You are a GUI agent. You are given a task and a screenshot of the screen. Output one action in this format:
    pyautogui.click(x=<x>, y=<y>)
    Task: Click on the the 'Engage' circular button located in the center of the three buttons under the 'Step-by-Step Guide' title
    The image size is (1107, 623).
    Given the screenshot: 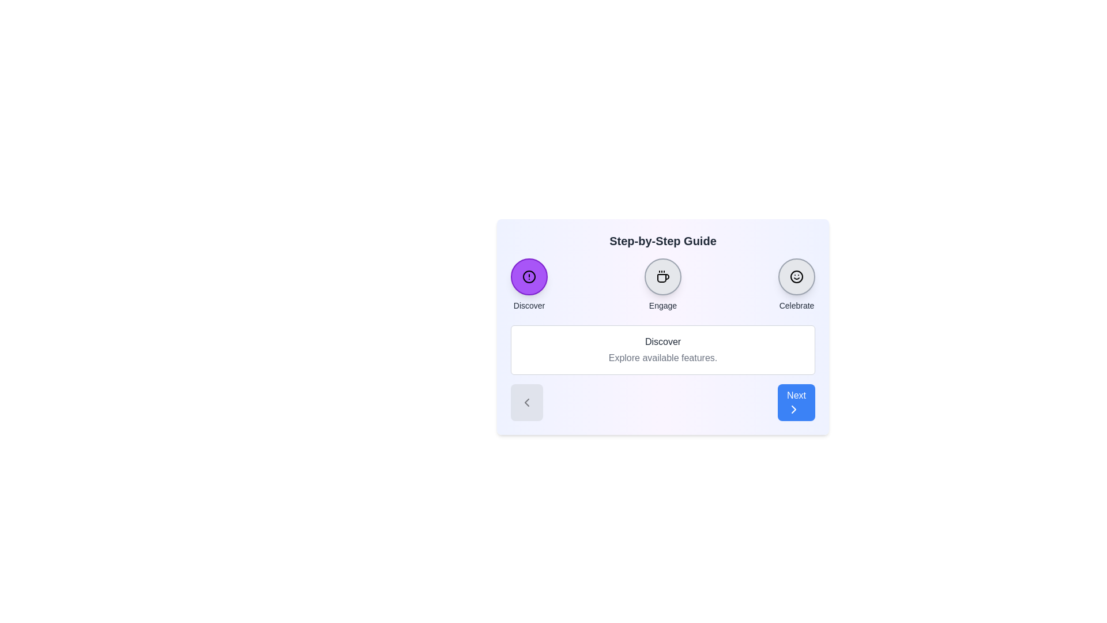 What is the action you would take?
    pyautogui.click(x=663, y=276)
    